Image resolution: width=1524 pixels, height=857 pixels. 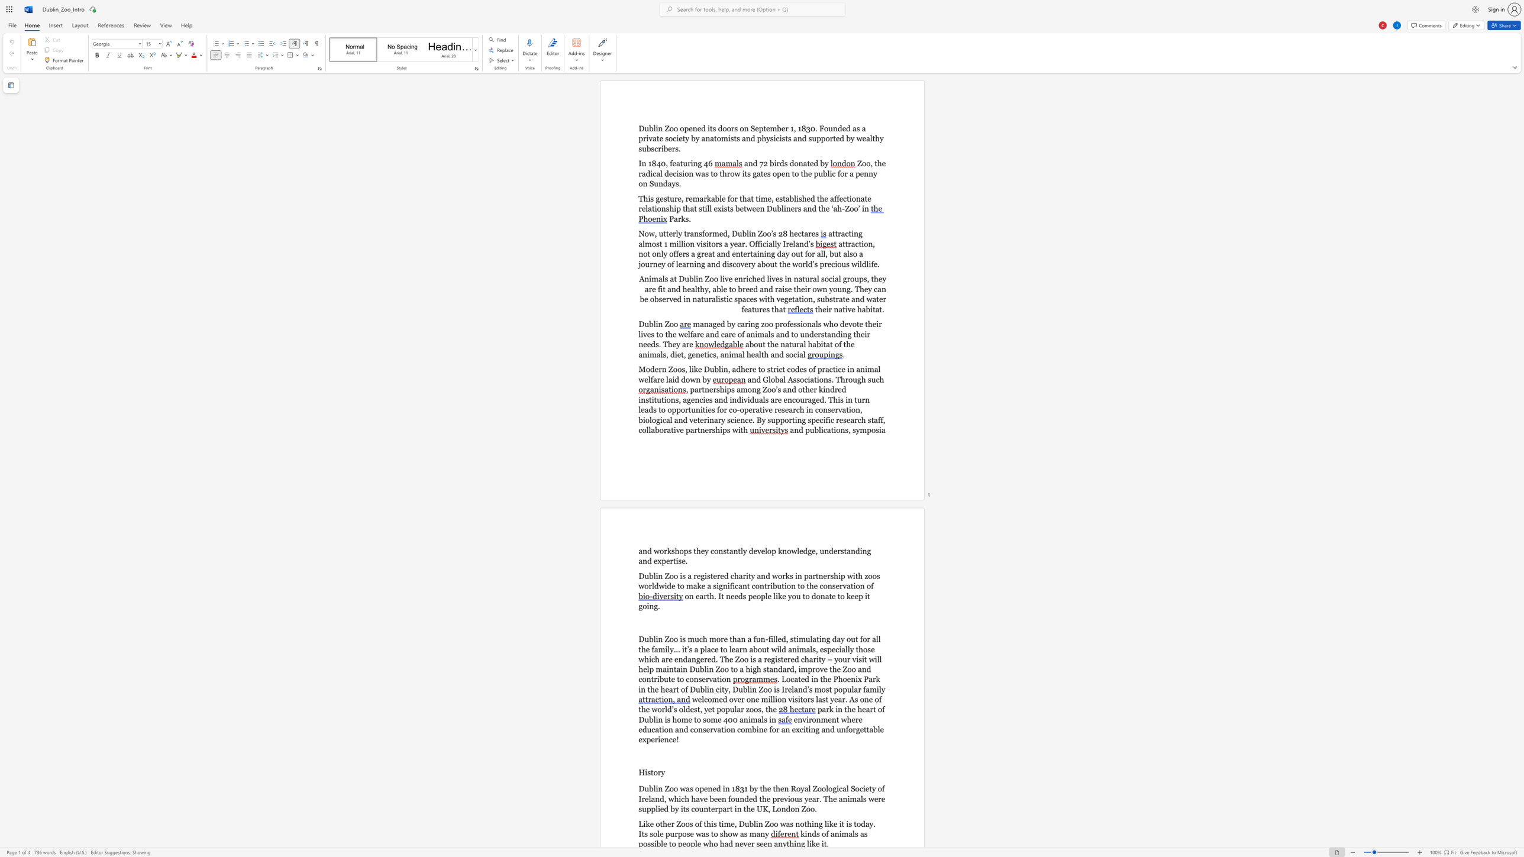 I want to click on the subset text "e anima" within the text "about the natural habitat of the animals,", so click(x=851, y=344).